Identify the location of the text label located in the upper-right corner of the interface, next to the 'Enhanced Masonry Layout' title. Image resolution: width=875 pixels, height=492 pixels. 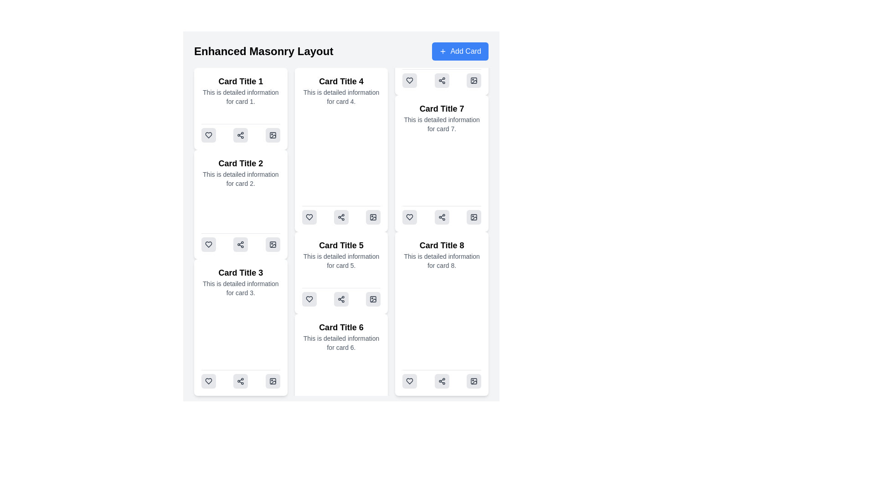
(466, 51).